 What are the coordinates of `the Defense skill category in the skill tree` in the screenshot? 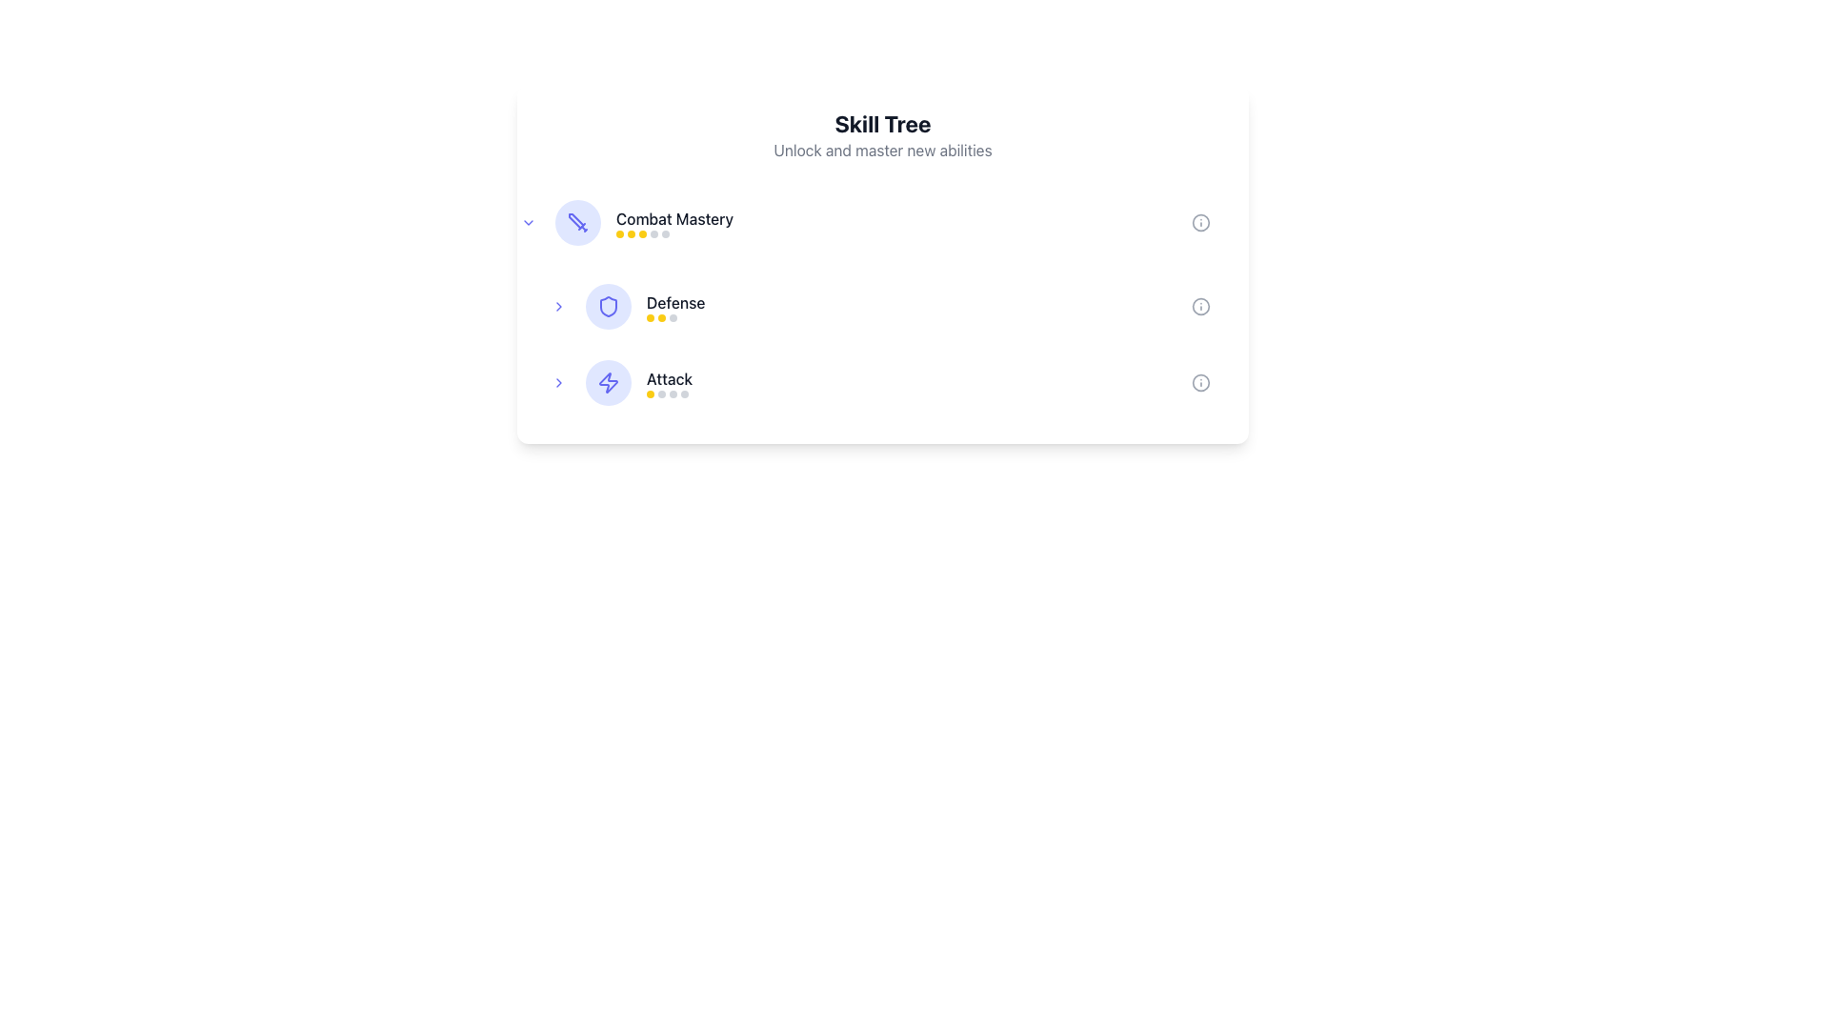 It's located at (896, 305).